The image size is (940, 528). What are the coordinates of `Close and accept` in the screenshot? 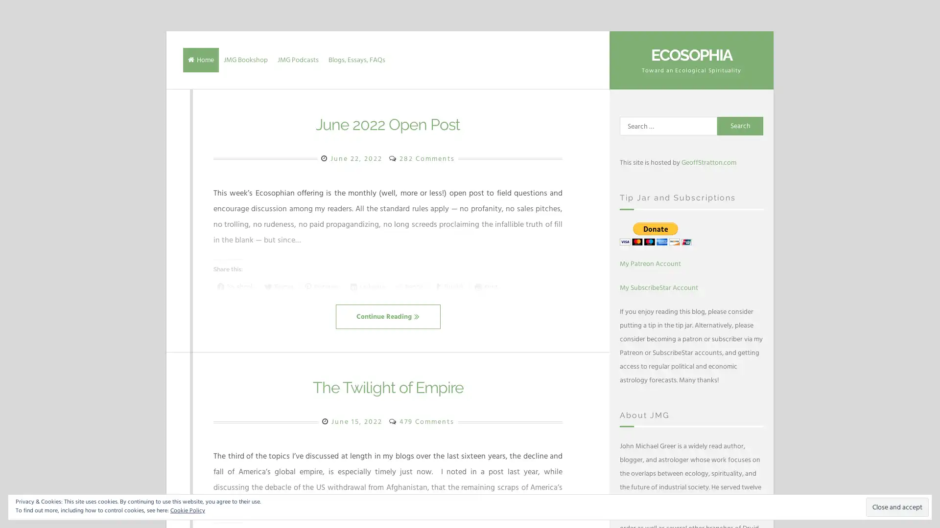 It's located at (897, 506).